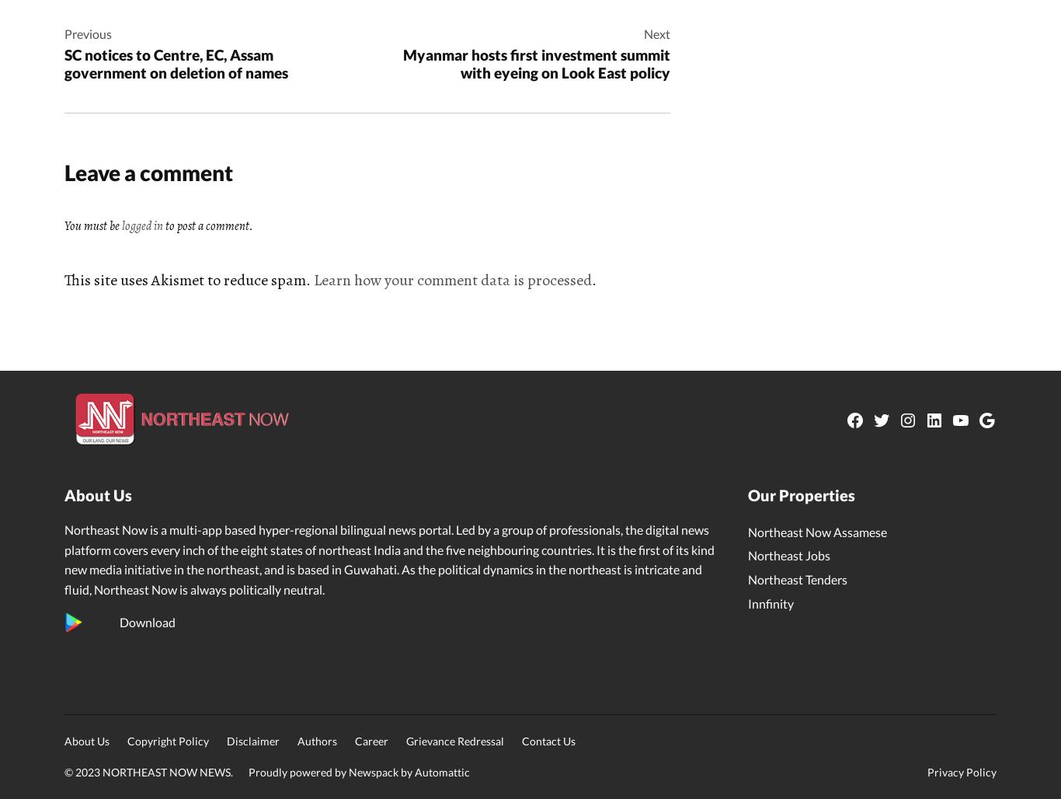 Image resolution: width=1061 pixels, height=799 pixels. I want to click on 'Learn how your comment data is processed', so click(452, 279).